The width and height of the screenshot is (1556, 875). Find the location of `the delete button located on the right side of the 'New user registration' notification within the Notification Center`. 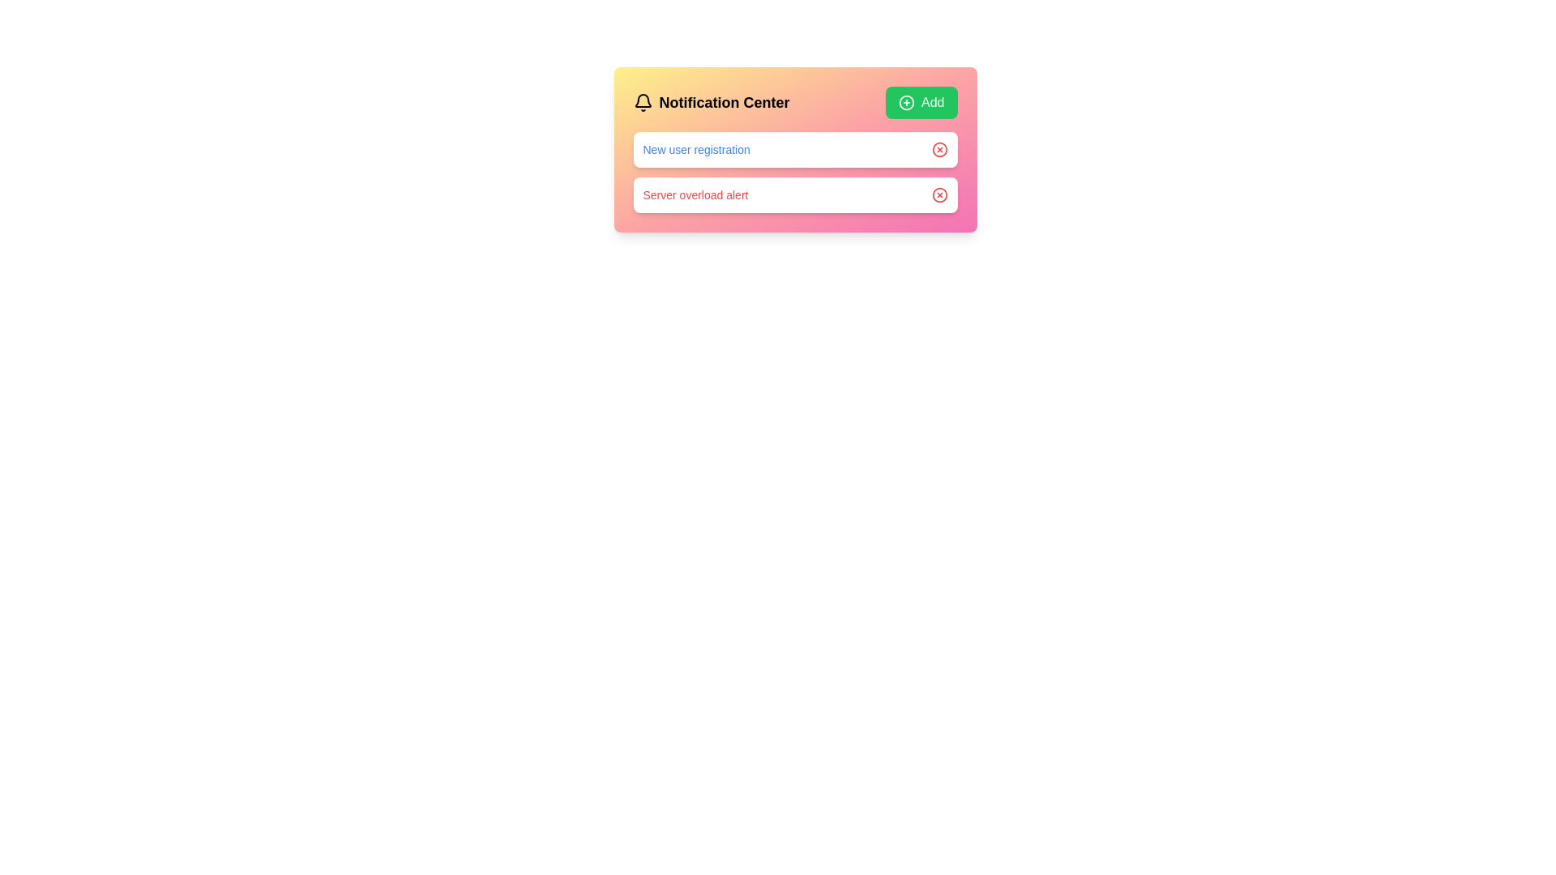

the delete button located on the right side of the 'New user registration' notification within the Notification Center is located at coordinates (939, 150).